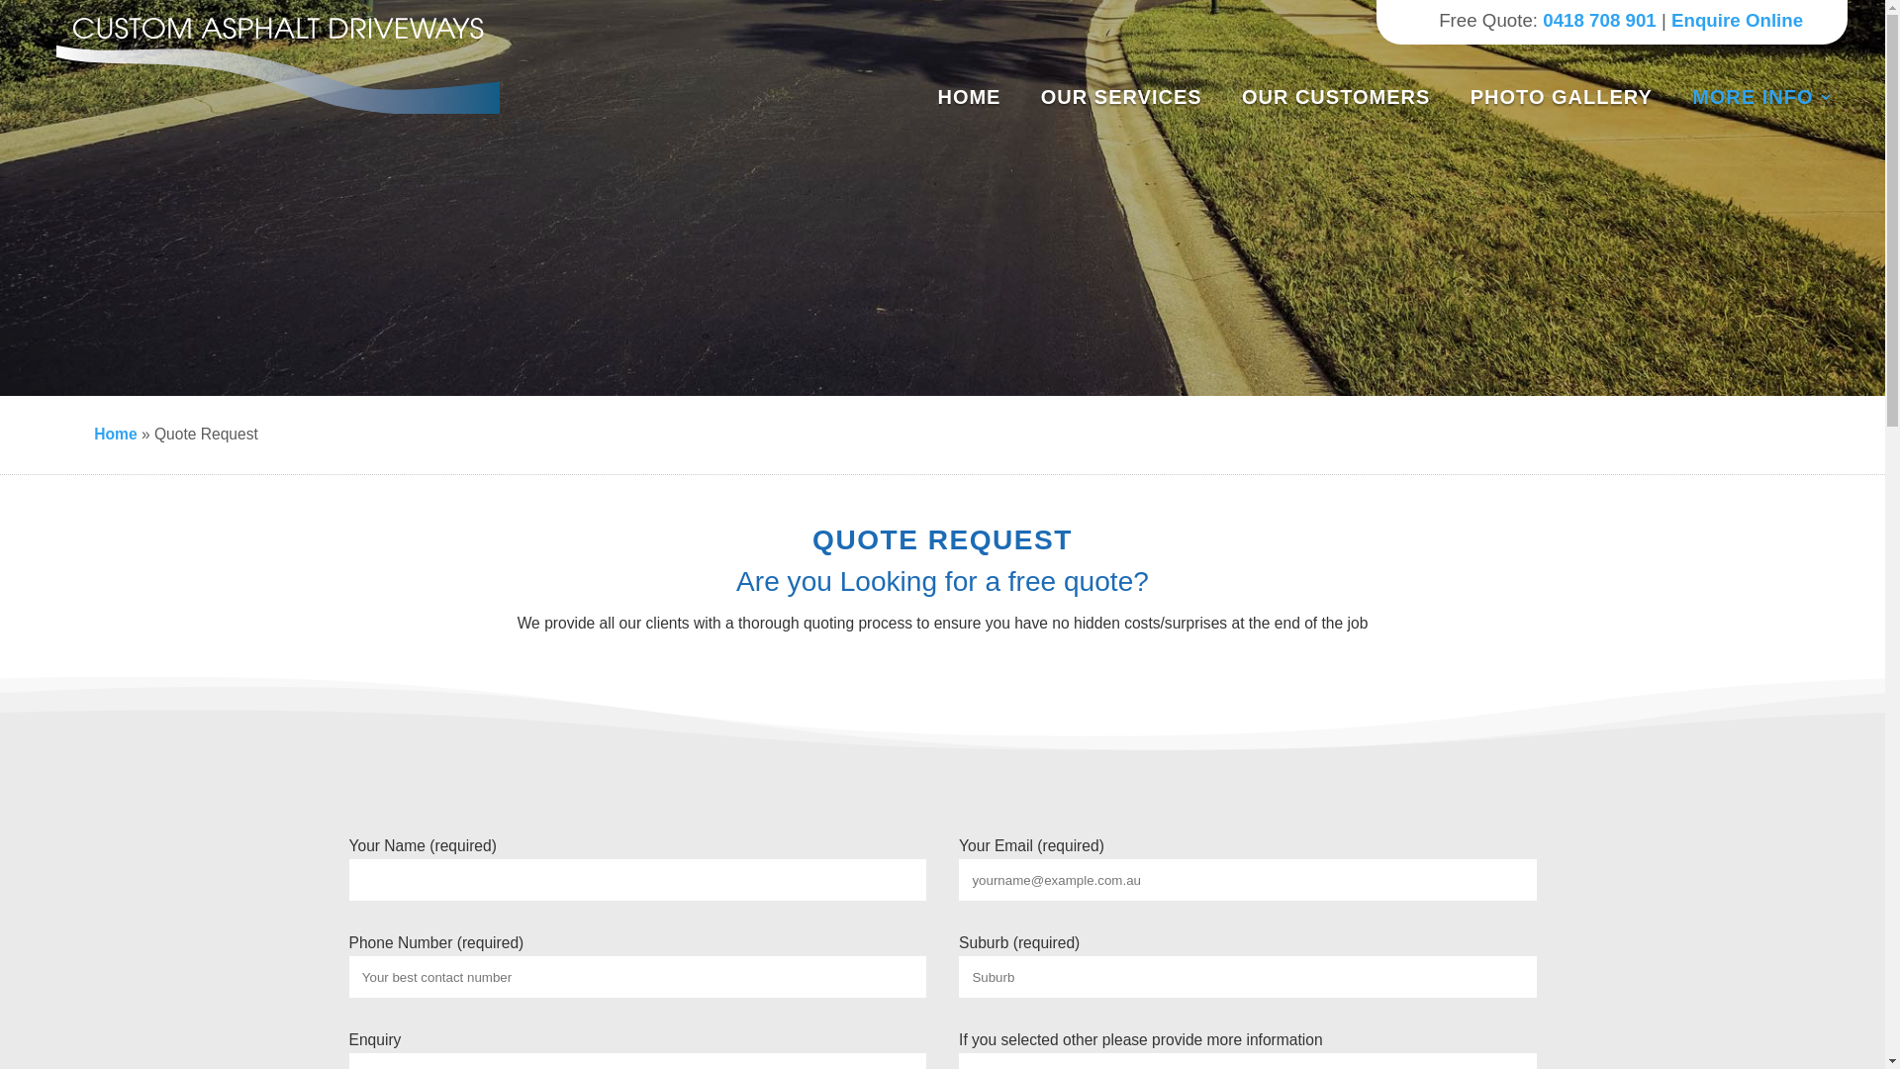 Image resolution: width=1900 pixels, height=1069 pixels. Describe the element at coordinates (1542, 20) in the screenshot. I see `'0418 708 901'` at that location.